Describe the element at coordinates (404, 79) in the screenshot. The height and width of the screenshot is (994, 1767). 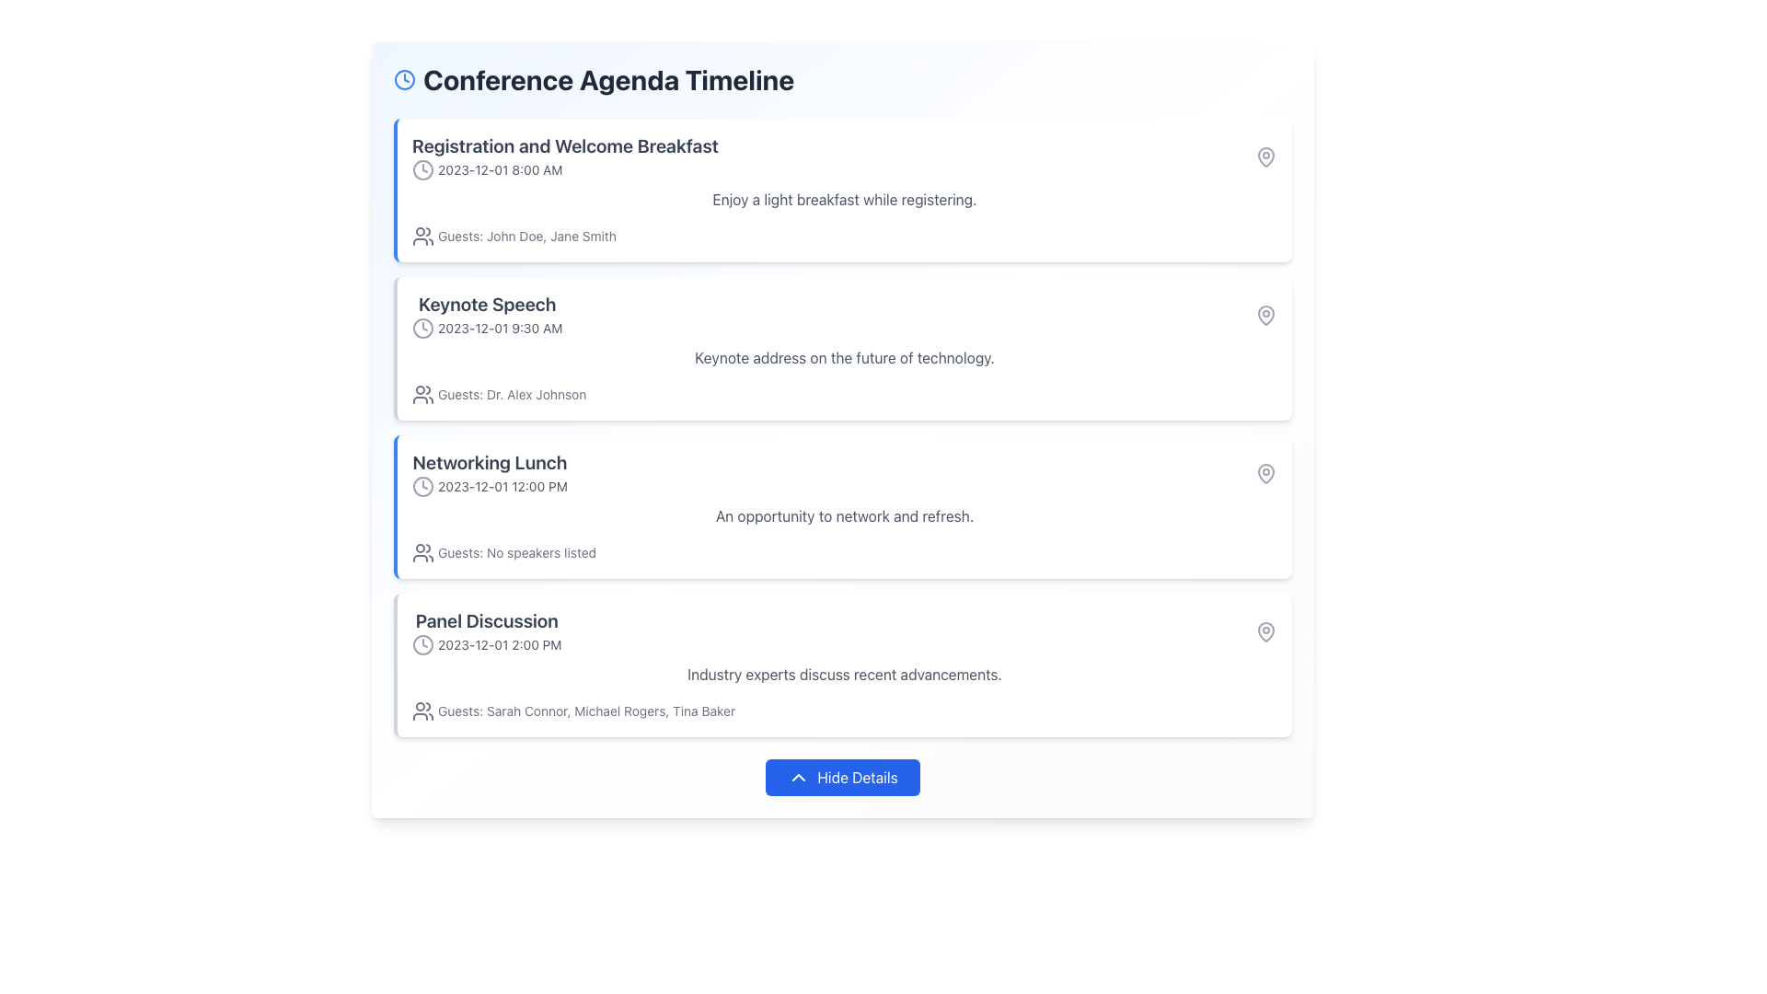
I see `the decorative icon located at the far left within the header line of the 'Conference Agenda Timeline' title` at that location.